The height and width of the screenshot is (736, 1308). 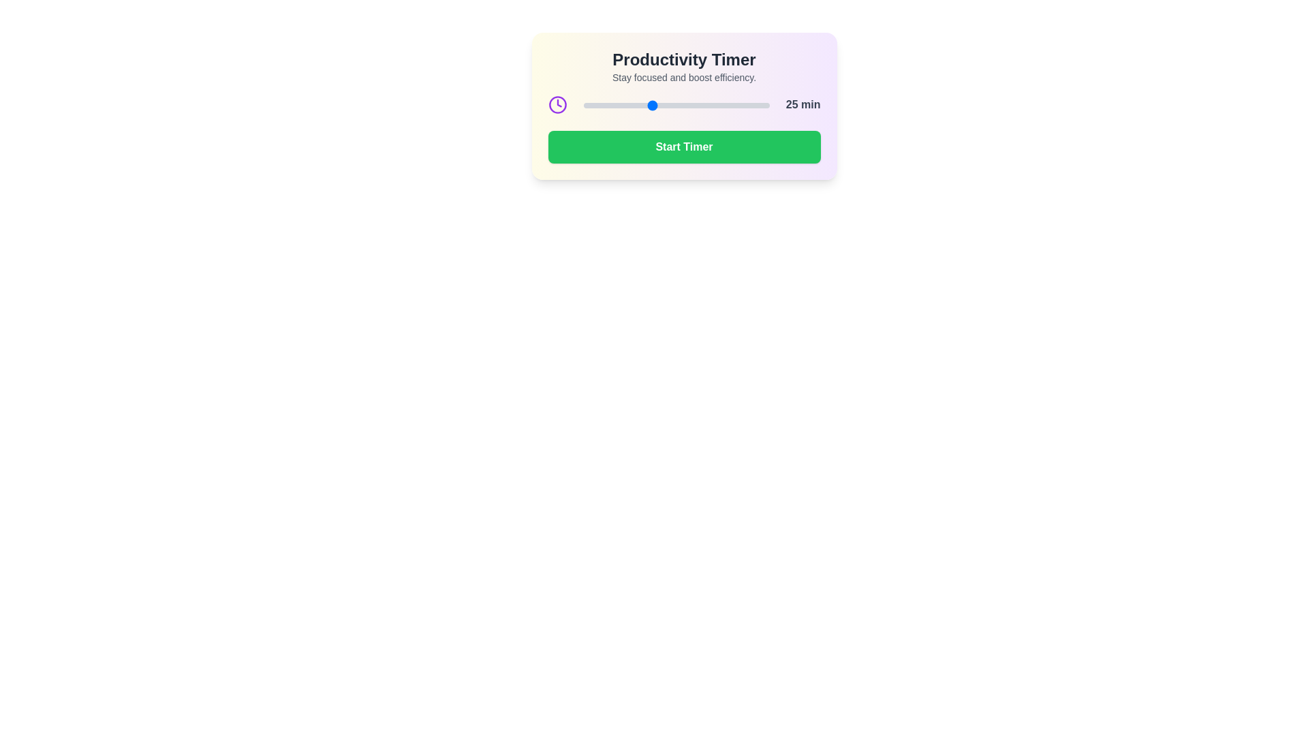 What do you see at coordinates (643, 104) in the screenshot?
I see `the timer slider to 23 minutes` at bounding box center [643, 104].